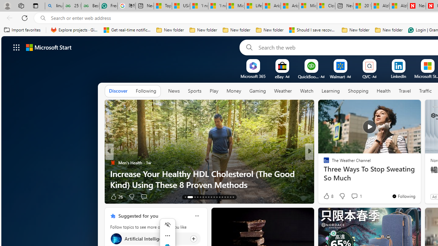 This screenshot has height=246, width=438. What do you see at coordinates (357, 196) in the screenshot?
I see `'View comments 65 Comment'` at bounding box center [357, 196].